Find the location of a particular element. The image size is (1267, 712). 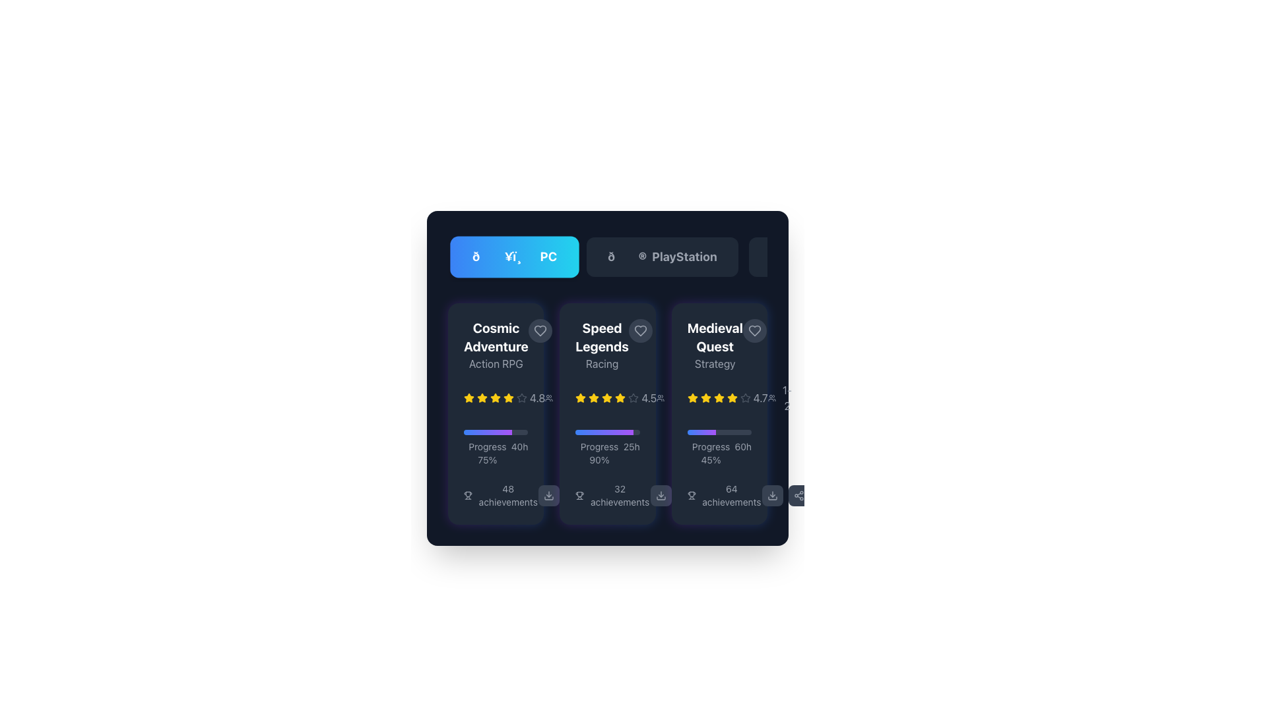

the styling of the text label 'Strategy', which is positioned below the title 'Medieval Quest' on the game information card in the grid layout is located at coordinates (714, 363).